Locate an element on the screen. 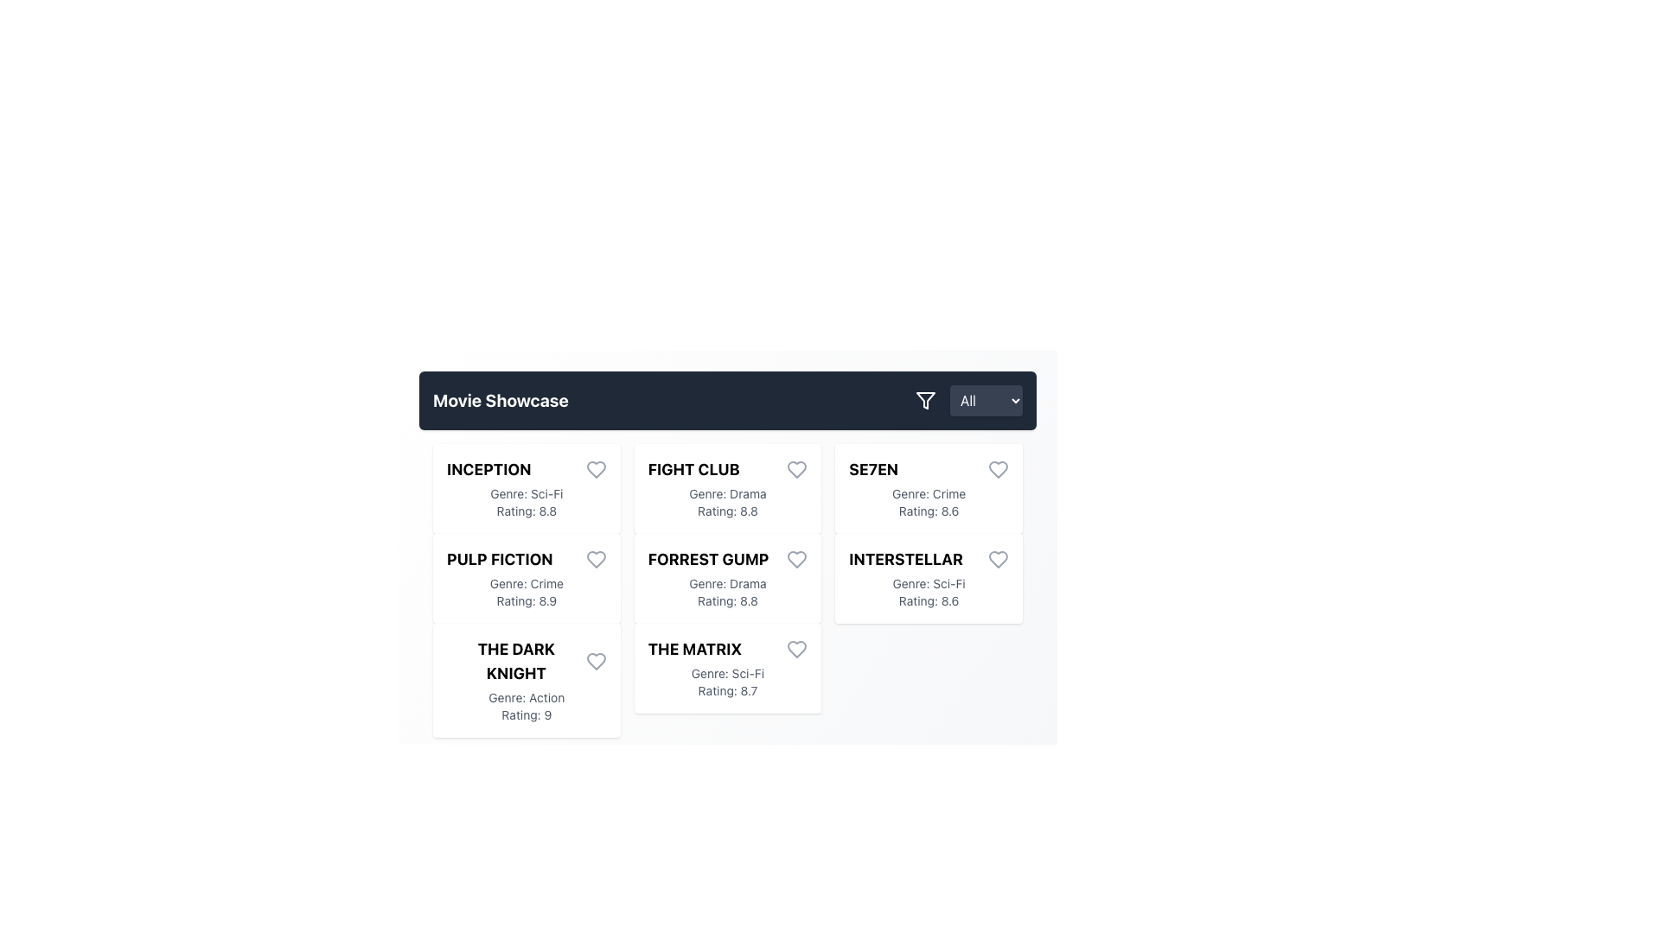  the static text display that provides additional information about 'The Matrix', including its genre ('Sci-Fi') and its rating ('8.7'). This element is located in the third column of the second row of the layout grid, below the main title text and to the left of an icon element is located at coordinates (727, 682).